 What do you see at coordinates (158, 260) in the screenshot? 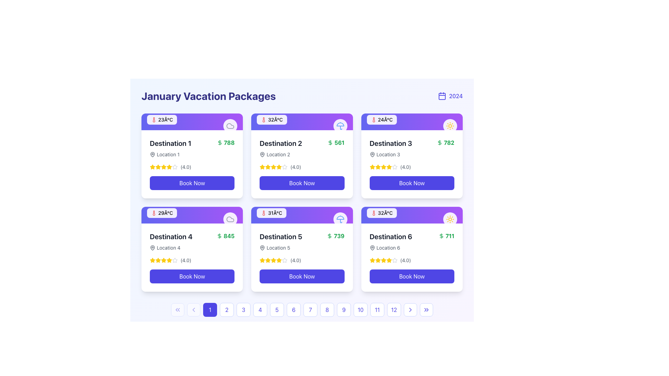
I see `the second star icon in the rating system located below the 'Destination 4' card to interact with the rating system` at bounding box center [158, 260].